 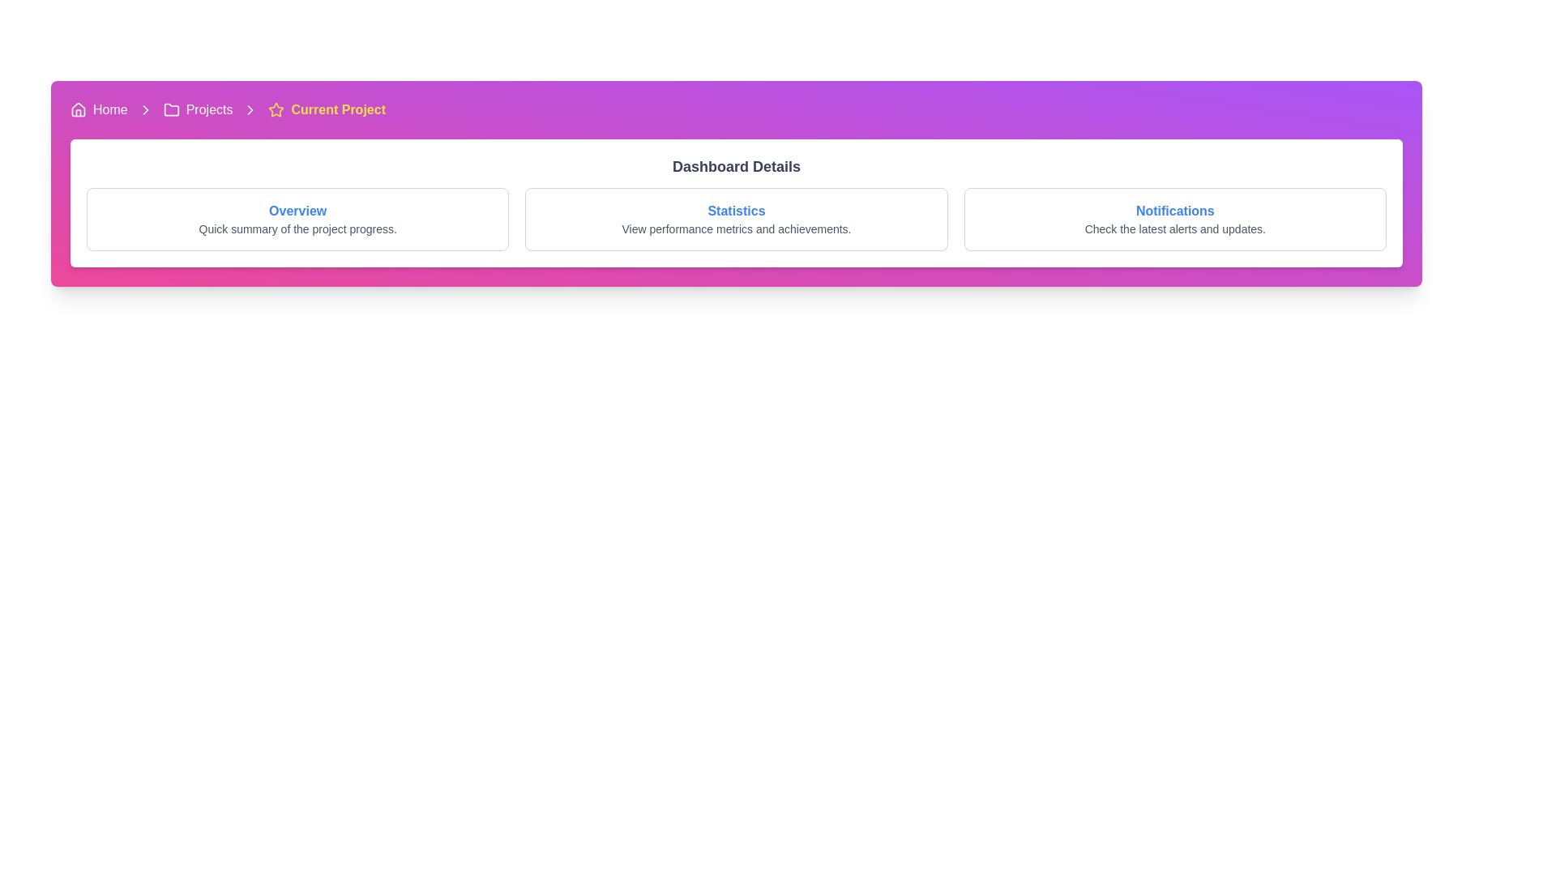 I want to click on the clickable link that serves as a navigation element, located to the right of a folder icon and preceding the 'Current Project' text in the breadcrumb navigation, so click(x=208, y=109).